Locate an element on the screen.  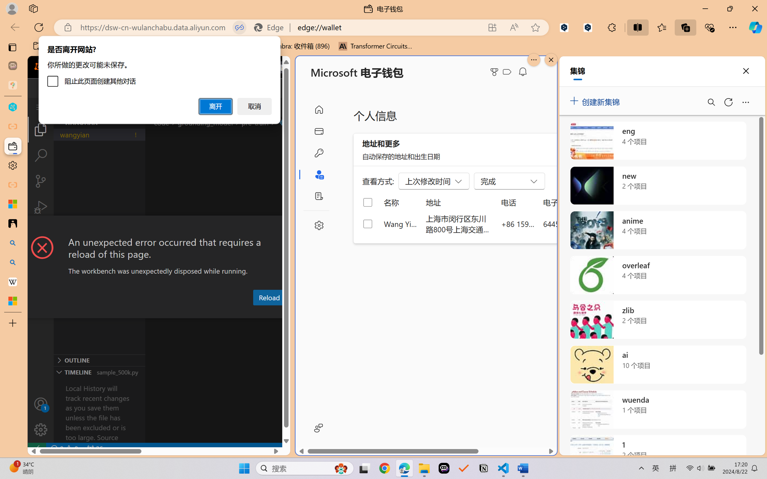
'Timeline Section' is located at coordinates (99, 372).